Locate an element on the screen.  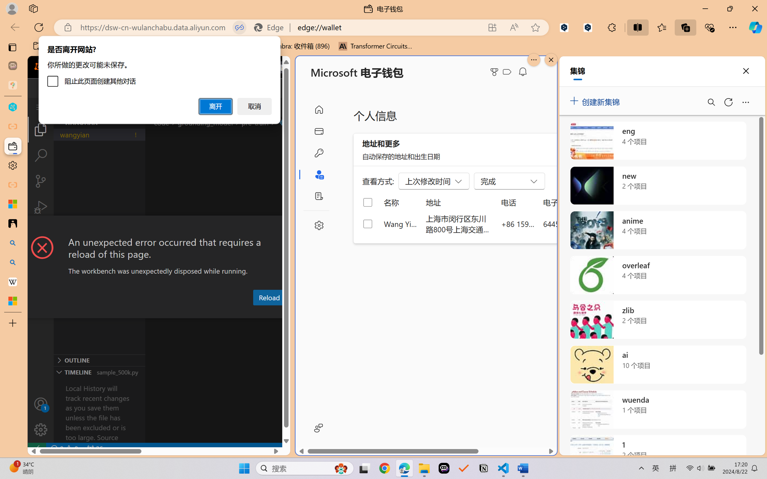
'Timeline Section' is located at coordinates (99, 372).